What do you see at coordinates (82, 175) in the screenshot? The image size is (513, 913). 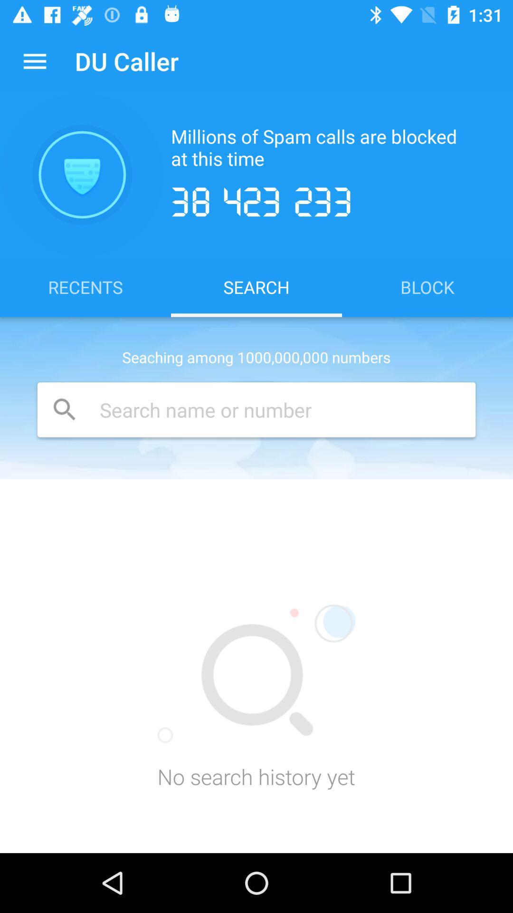 I see `icon above the recents` at bounding box center [82, 175].